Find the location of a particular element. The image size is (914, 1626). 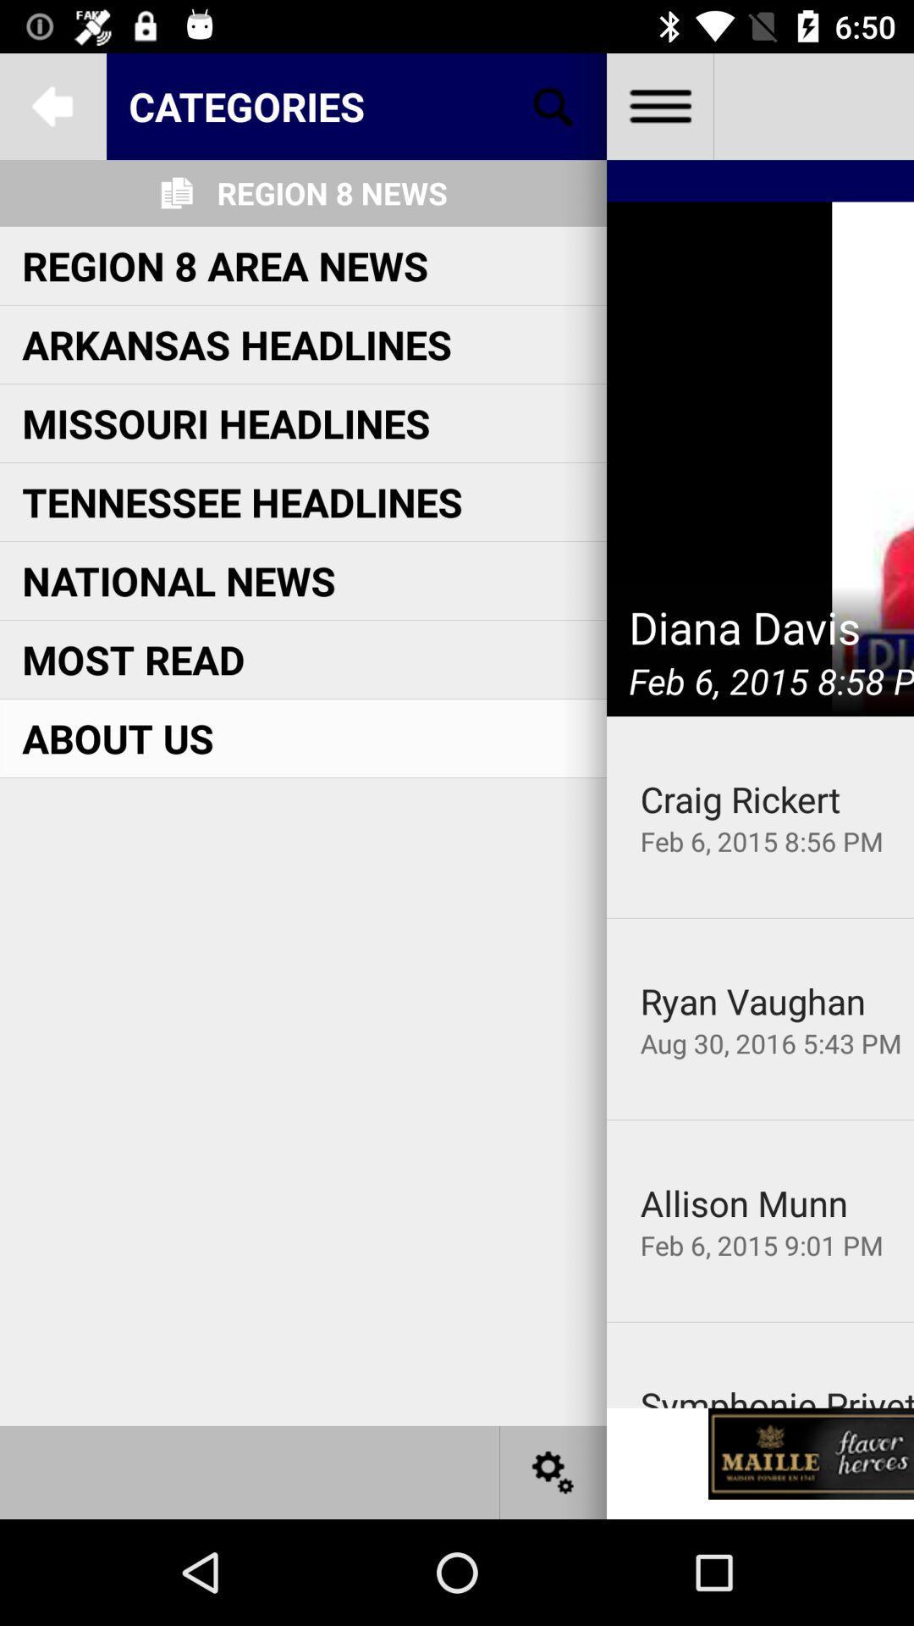

the settings icon is located at coordinates (553, 1471).